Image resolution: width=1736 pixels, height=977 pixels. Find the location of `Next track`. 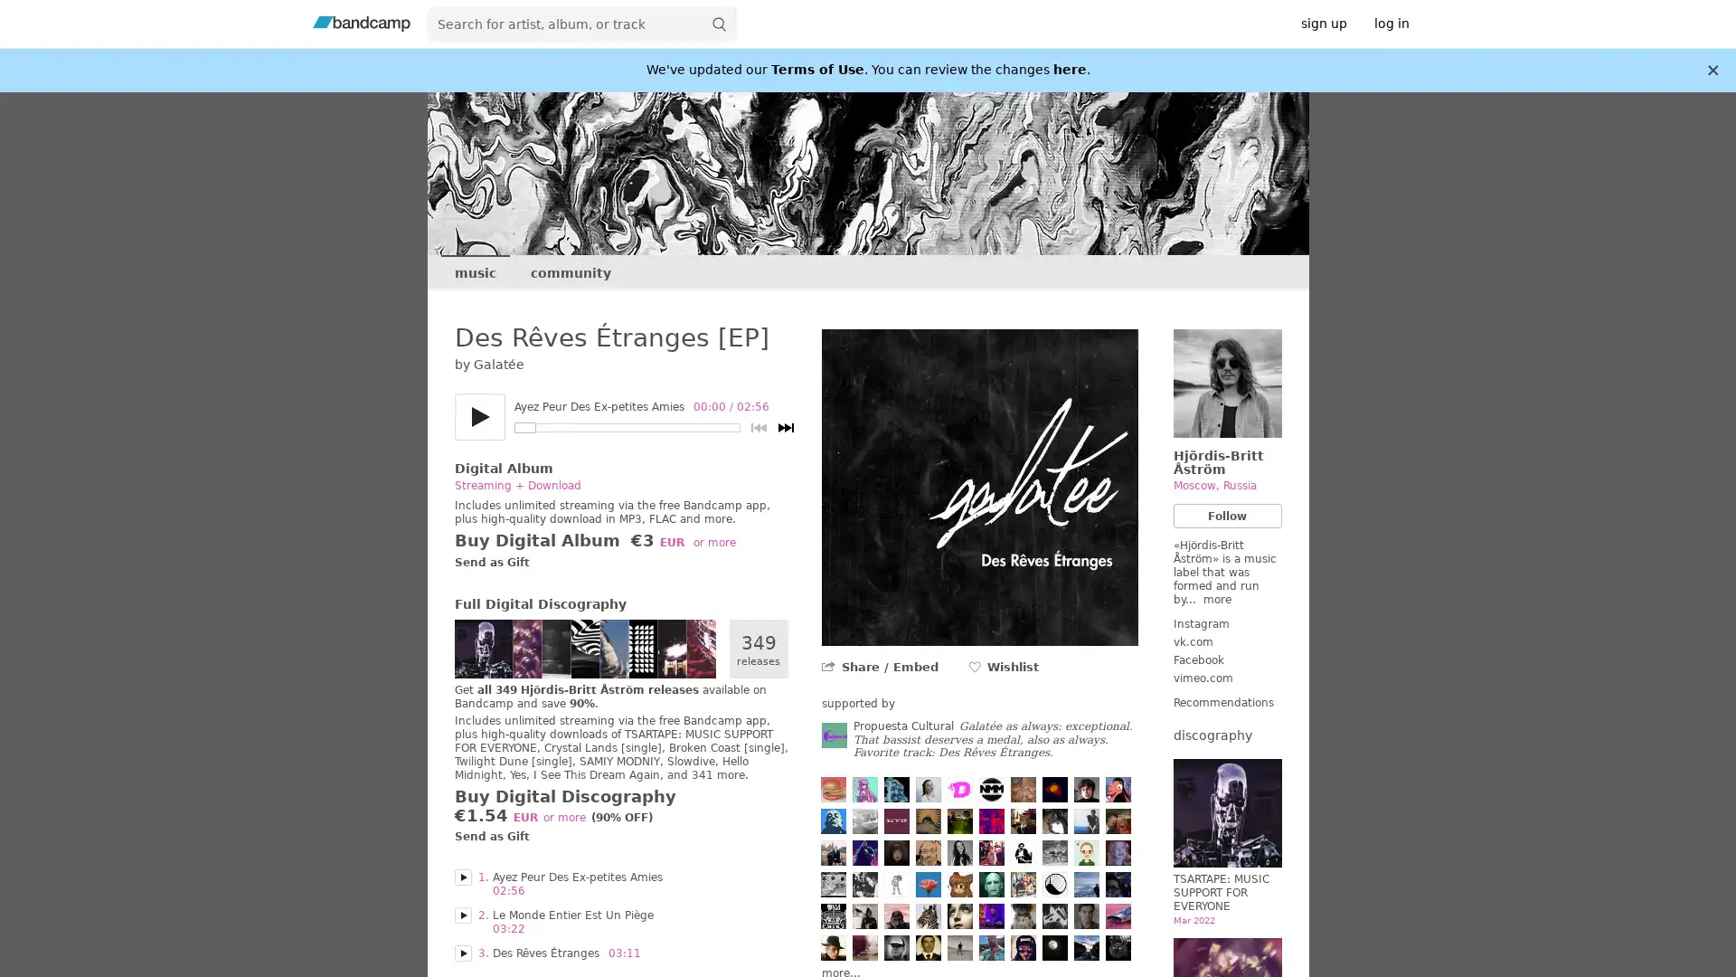

Next track is located at coordinates (785, 428).